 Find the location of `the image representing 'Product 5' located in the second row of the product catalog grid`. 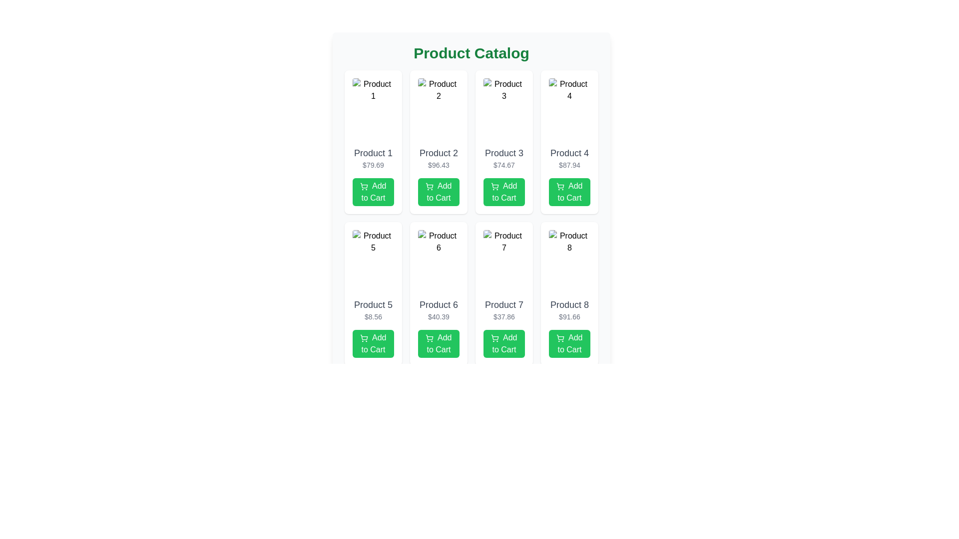

the image representing 'Product 5' located in the second row of the product catalog grid is located at coordinates (373, 261).